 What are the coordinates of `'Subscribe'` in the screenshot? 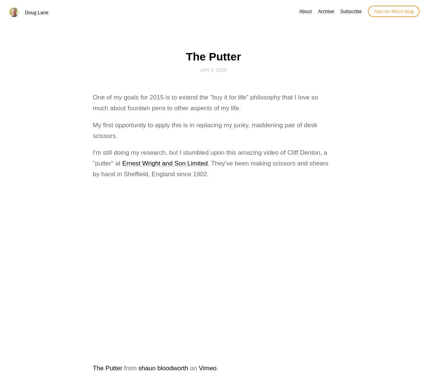 It's located at (351, 11).